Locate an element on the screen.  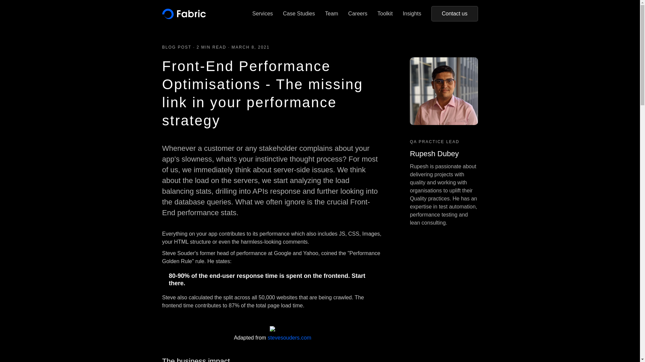
'Services' is located at coordinates (262, 14).